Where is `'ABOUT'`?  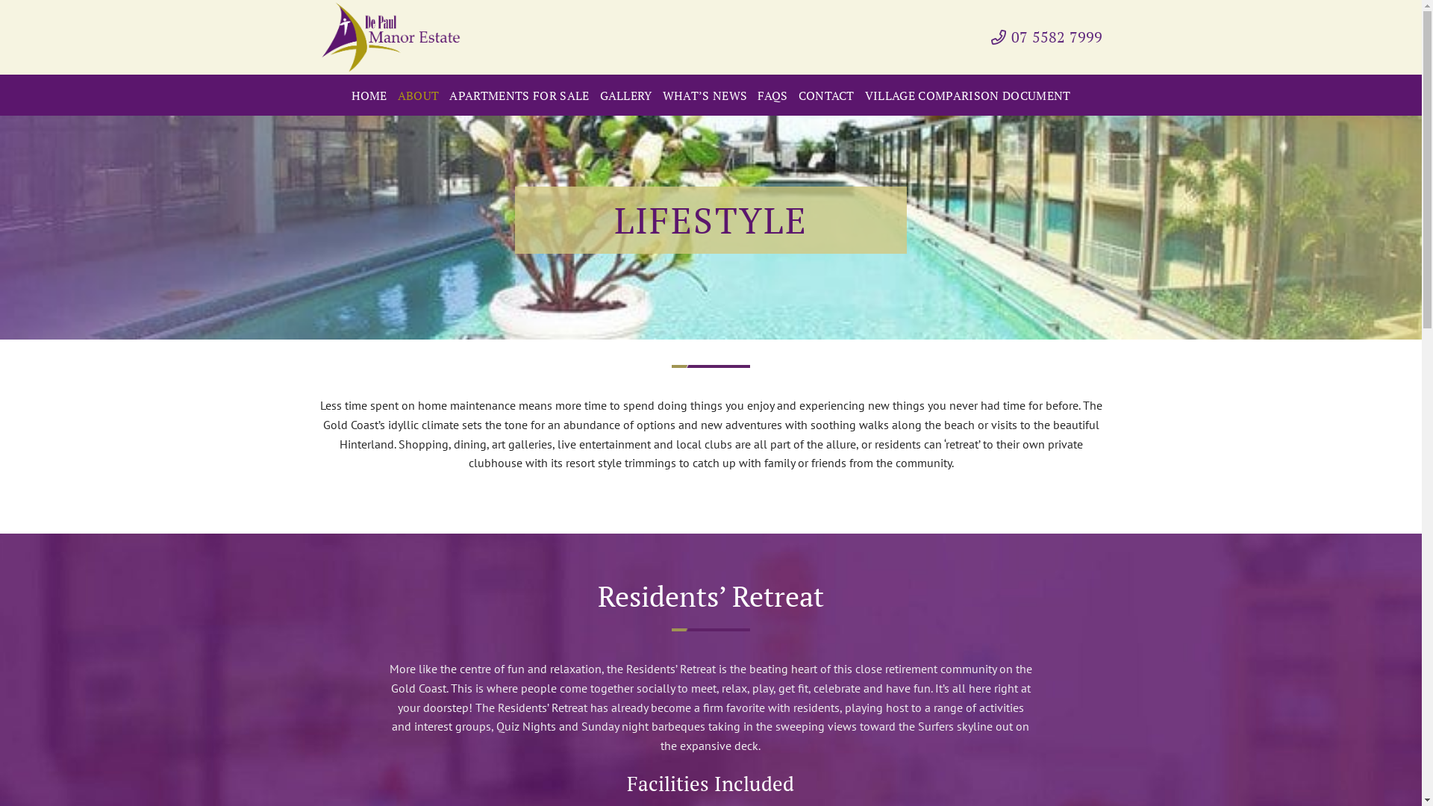
'ABOUT' is located at coordinates (418, 95).